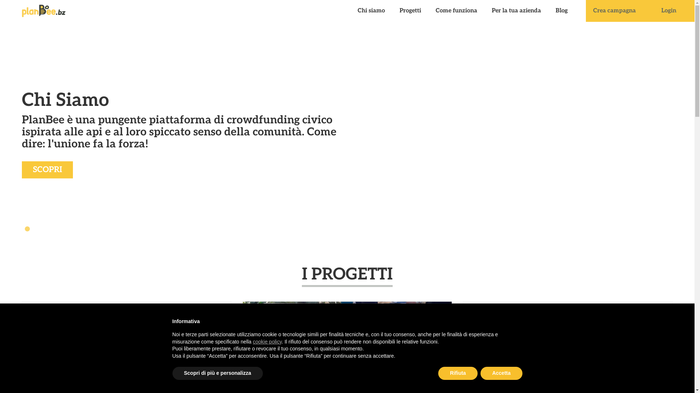 The image size is (700, 393). I want to click on 'Login', so click(669, 11).